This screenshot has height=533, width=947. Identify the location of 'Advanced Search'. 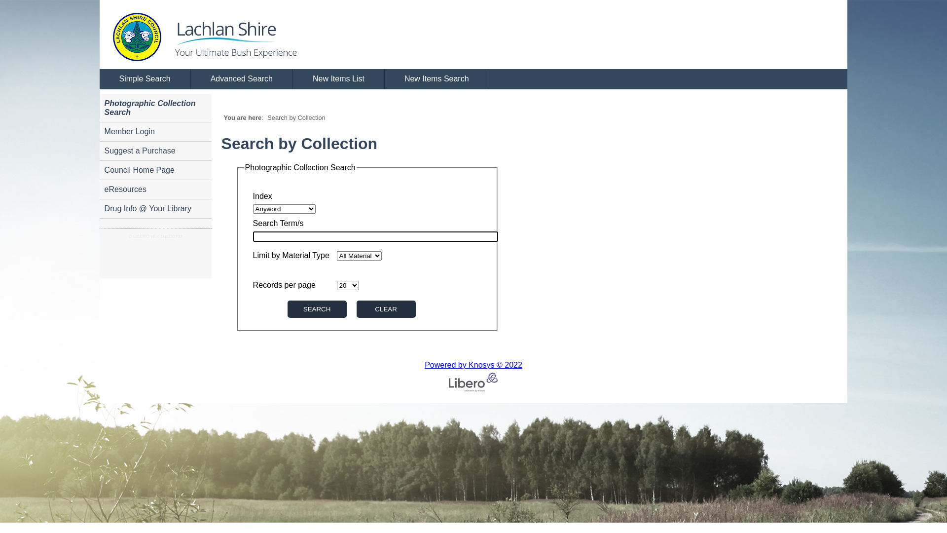
(191, 79).